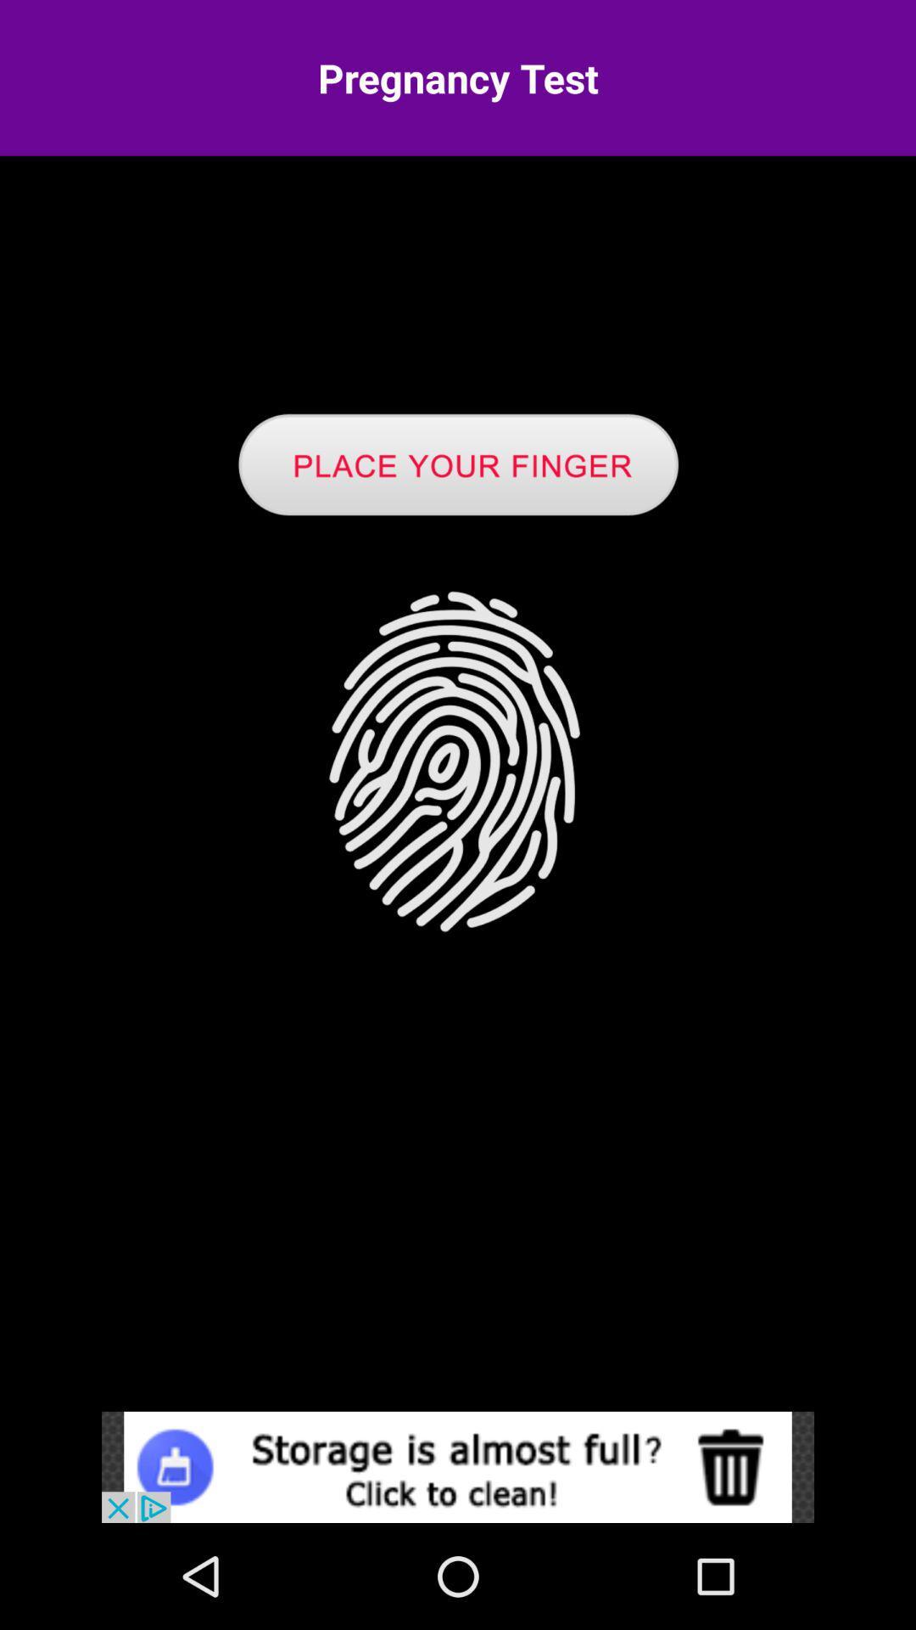 The height and width of the screenshot is (1630, 916). Describe the element at coordinates (458, 1466) in the screenshot. I see `open advertisement` at that location.